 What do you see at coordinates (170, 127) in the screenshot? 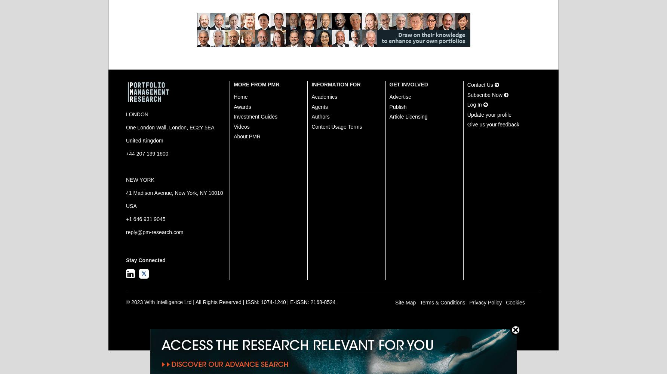
I see `'One London Wall, London, EC2Y 5EA'` at bounding box center [170, 127].